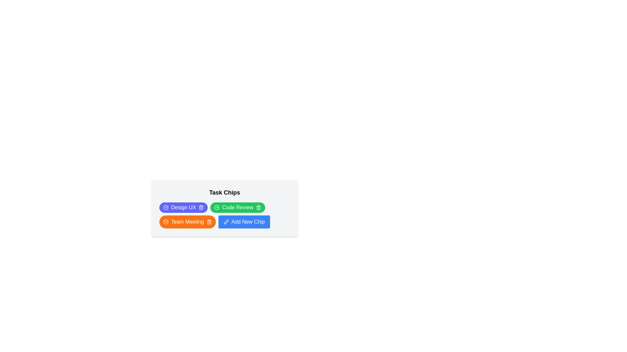 Image resolution: width=627 pixels, height=352 pixels. I want to click on the 'Code Review' interactive chip button located, so click(224, 208).